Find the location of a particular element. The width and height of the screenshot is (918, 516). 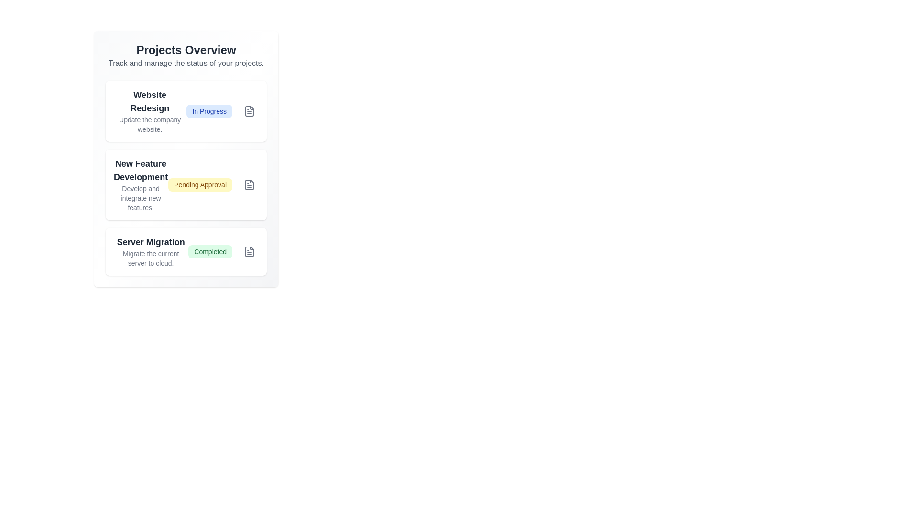

the project item labeled 'New Feature Development' to focus or highlight it is located at coordinates (186, 184).